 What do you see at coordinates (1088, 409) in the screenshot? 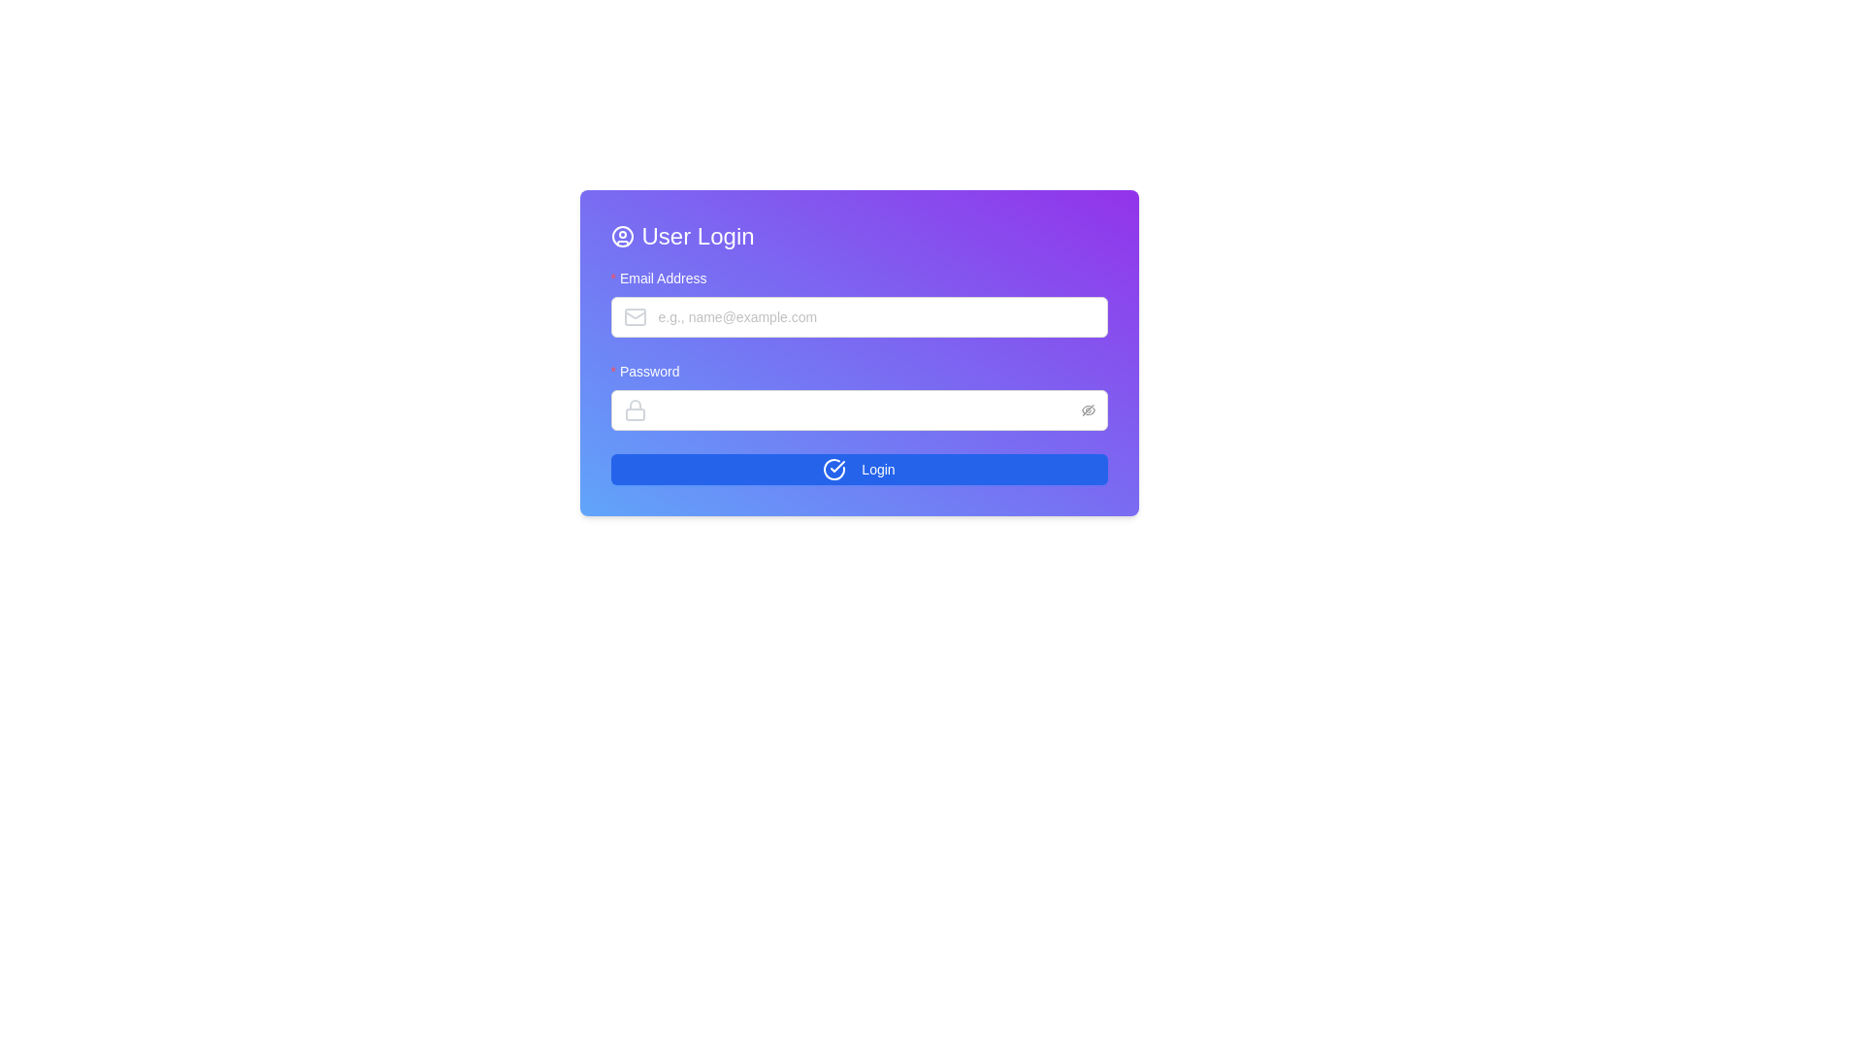
I see `the password visibility toggle button, which is a small eye icon with a slash through it, located at the far right of the password input field in the login form` at bounding box center [1088, 409].